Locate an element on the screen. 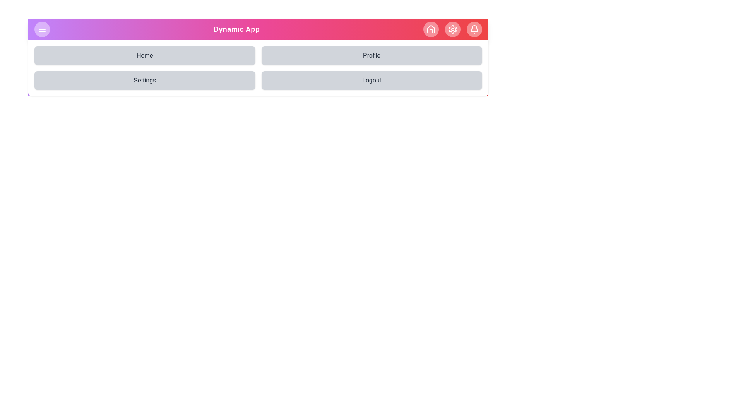  the Home button in the top bar is located at coordinates (430, 29).